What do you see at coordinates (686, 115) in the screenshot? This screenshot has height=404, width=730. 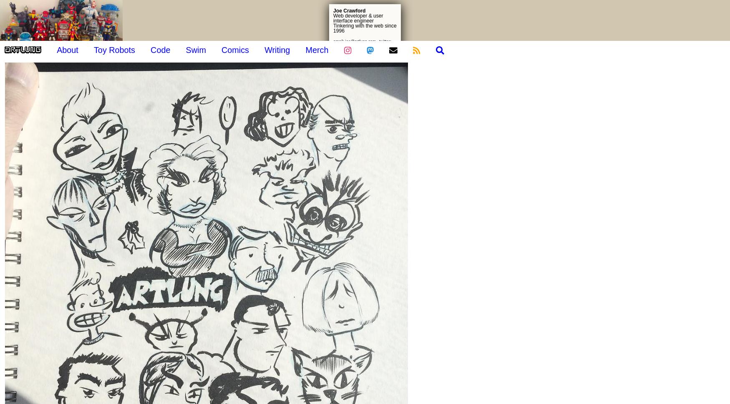 I see `'aka'` at bounding box center [686, 115].